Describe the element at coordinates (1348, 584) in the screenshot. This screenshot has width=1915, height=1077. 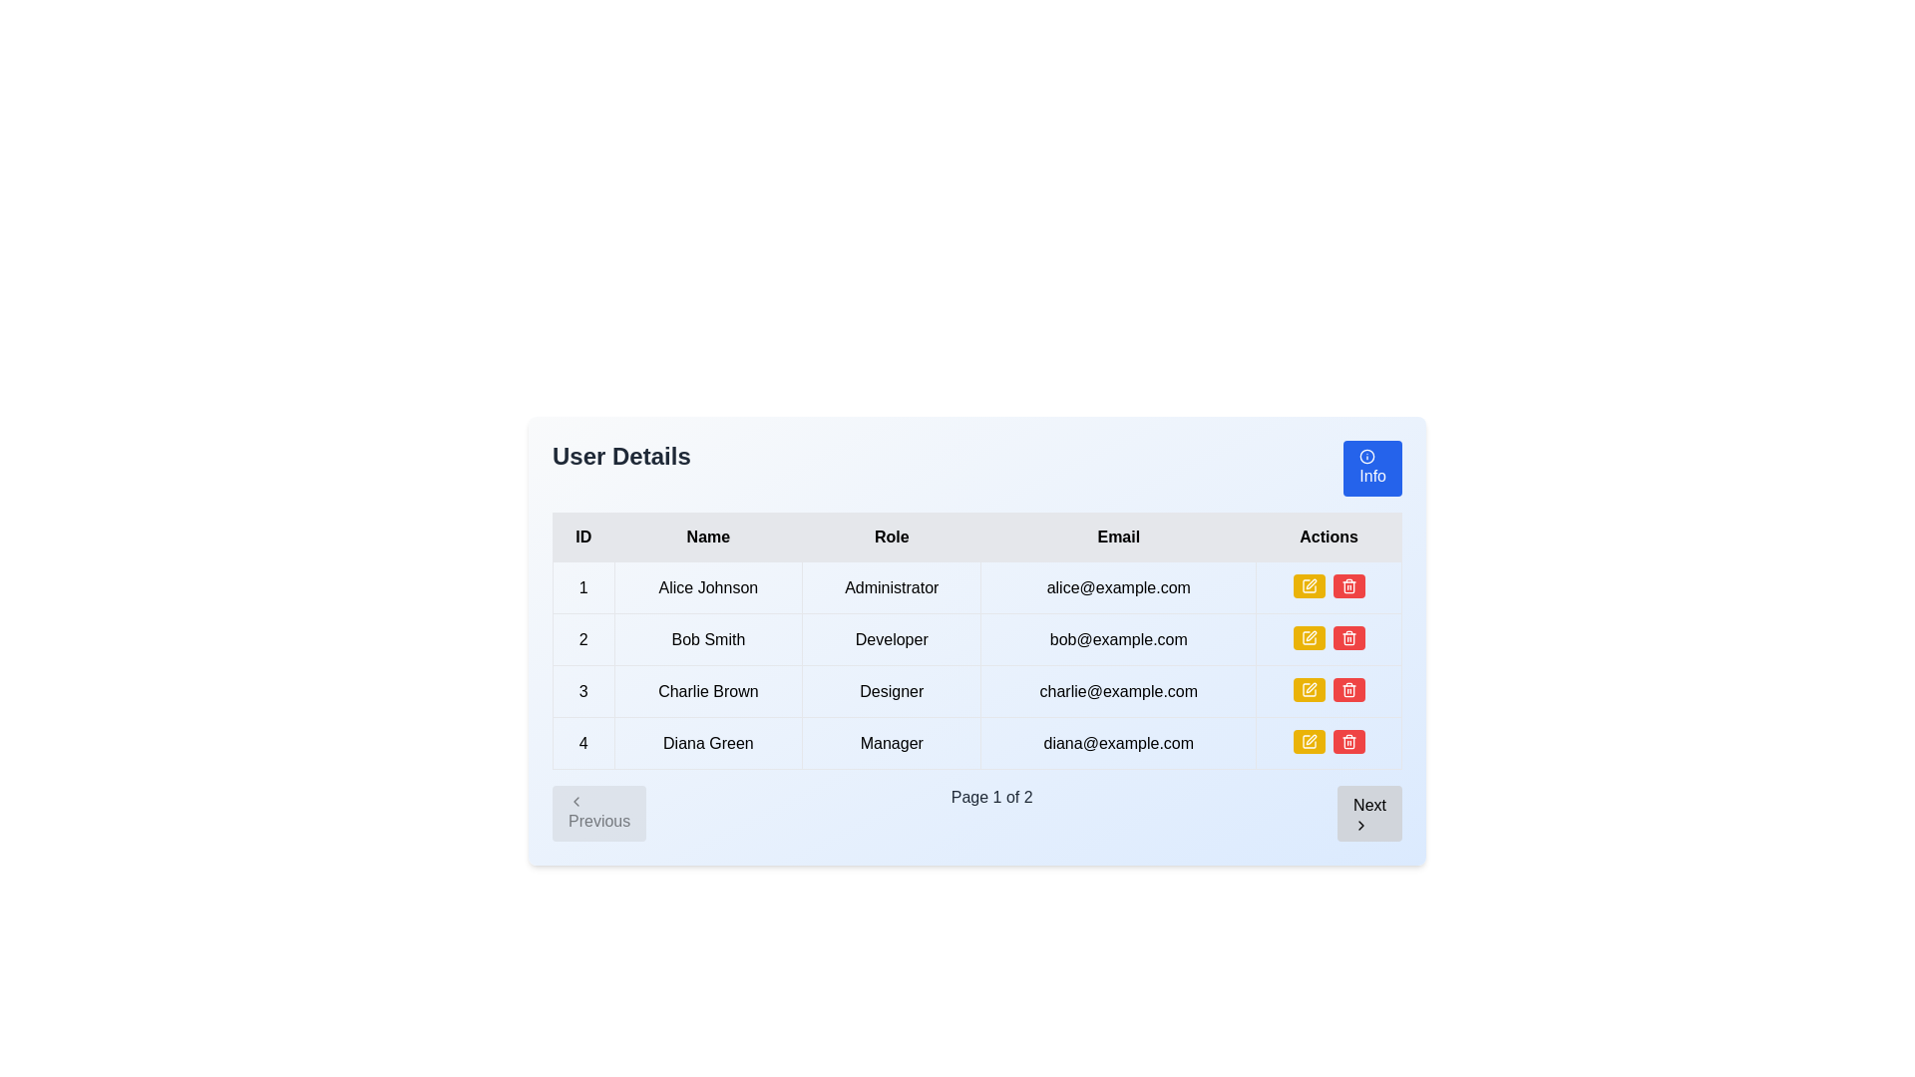
I see `the 'Delete' icon in the 'Actions' column for 'Bob Smith' to potentially display a tooltip` at that location.